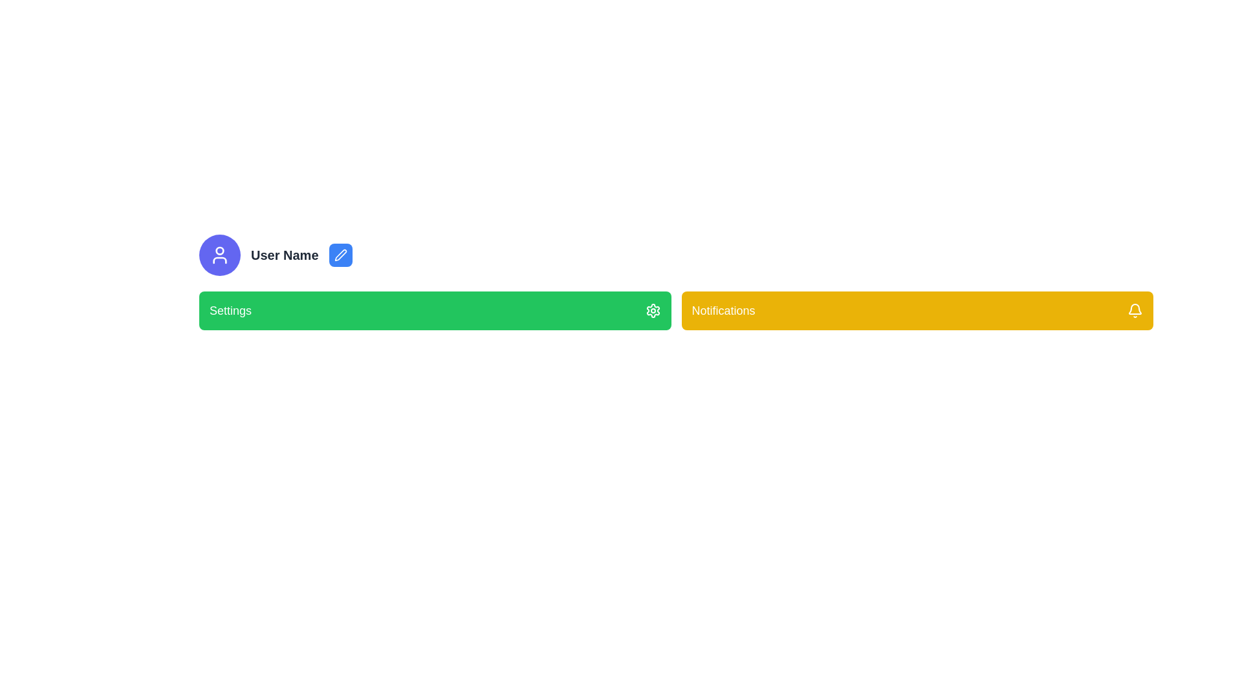  Describe the element at coordinates (1135, 311) in the screenshot. I see `the bell-shaped icon with a simplistic design that is located on the yellow notification button, adjacent to the text 'Notifications'` at that location.